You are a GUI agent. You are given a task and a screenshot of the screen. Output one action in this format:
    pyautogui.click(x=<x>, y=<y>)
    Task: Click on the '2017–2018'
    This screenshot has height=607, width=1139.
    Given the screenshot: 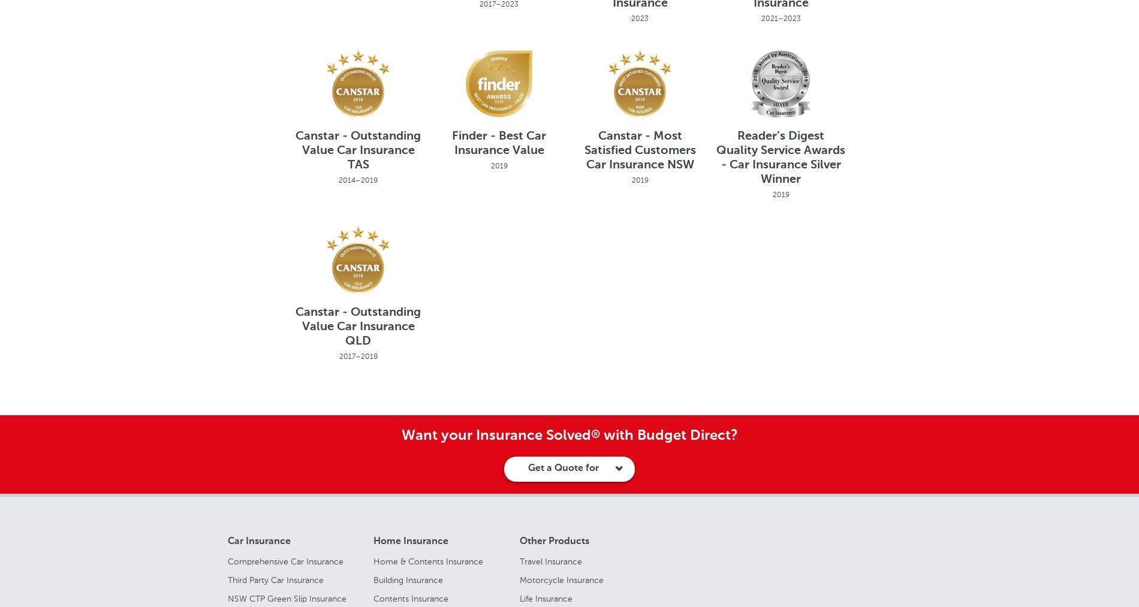 What is the action you would take?
    pyautogui.click(x=339, y=357)
    